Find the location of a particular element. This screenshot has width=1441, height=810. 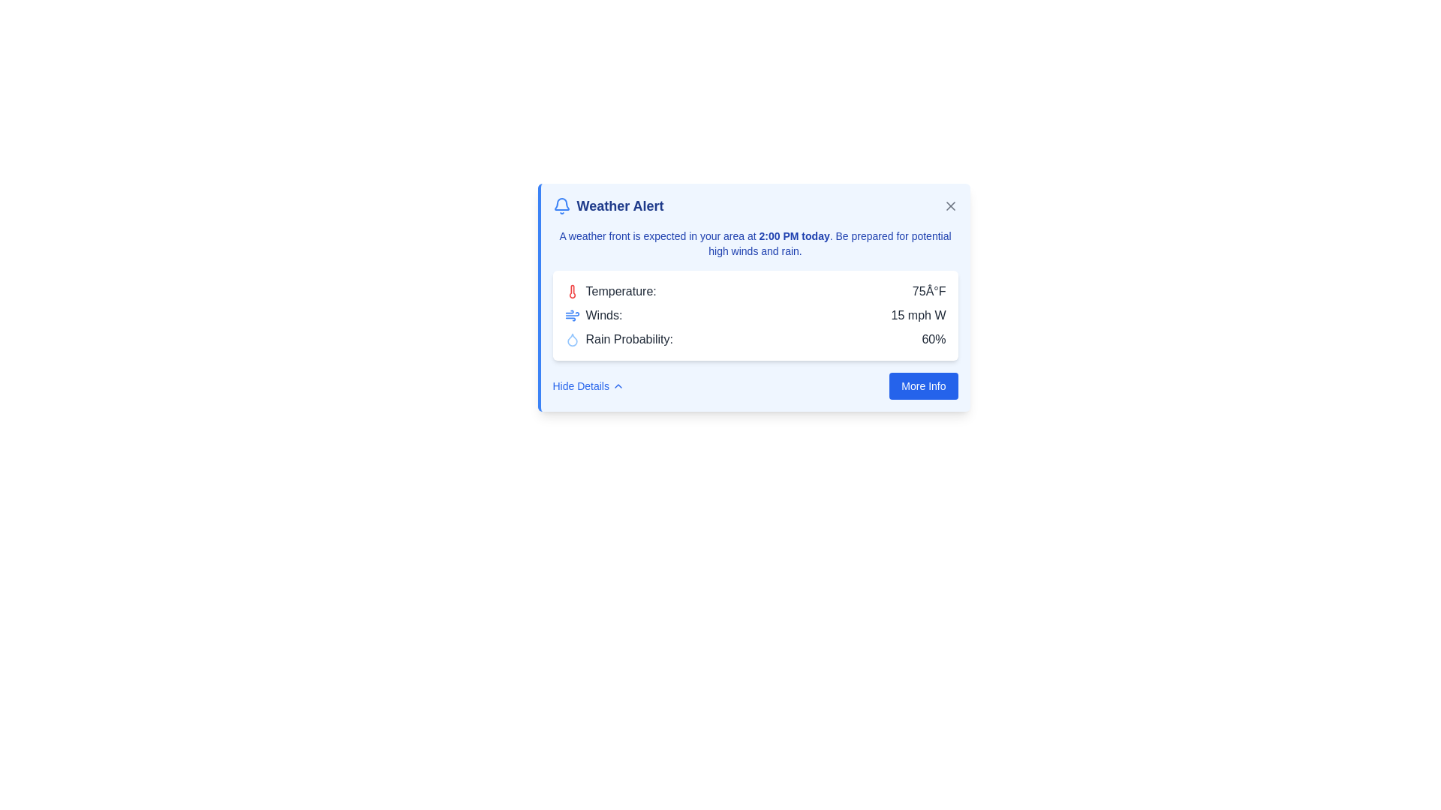

the weather alert title label located in the upper left portion of the notification box is located at coordinates (608, 205).